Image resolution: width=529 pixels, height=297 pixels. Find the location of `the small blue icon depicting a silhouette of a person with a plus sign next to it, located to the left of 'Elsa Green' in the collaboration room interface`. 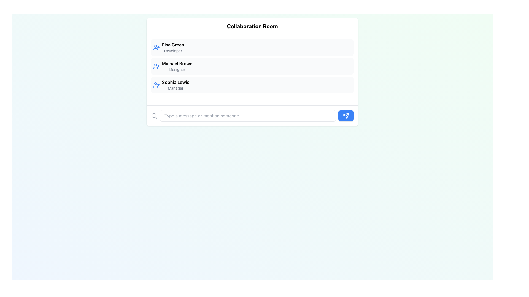

the small blue icon depicting a silhouette of a person with a plus sign next to it, located to the left of 'Elsa Green' in the collaboration room interface is located at coordinates (156, 47).